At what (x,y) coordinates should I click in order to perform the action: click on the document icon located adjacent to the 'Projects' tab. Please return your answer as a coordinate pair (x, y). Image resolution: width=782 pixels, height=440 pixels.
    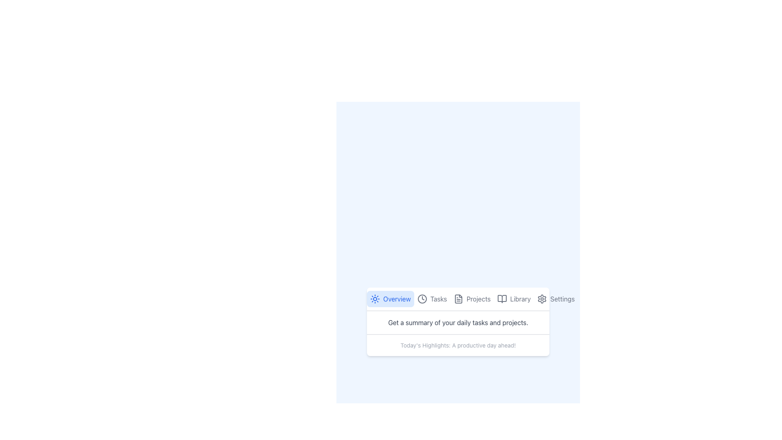
    Looking at the image, I should click on (458, 299).